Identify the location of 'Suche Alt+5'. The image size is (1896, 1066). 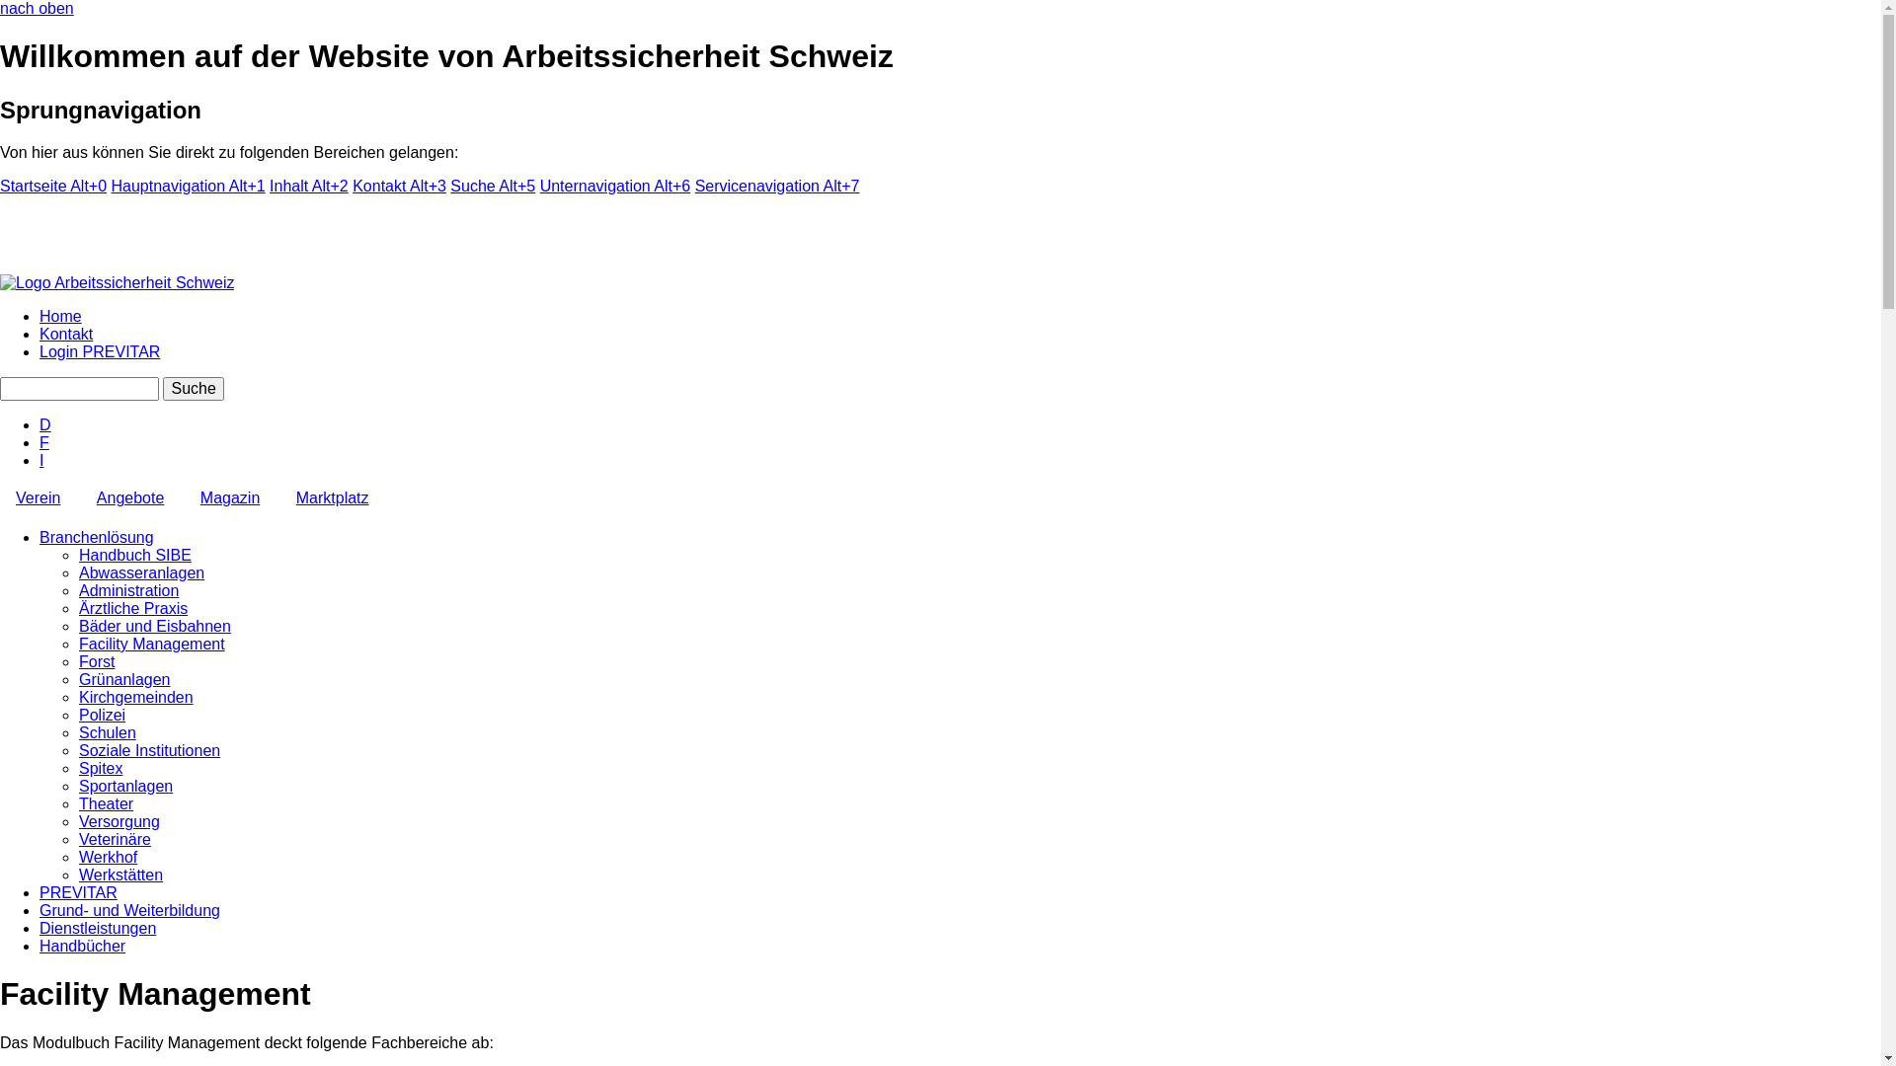
(449, 186).